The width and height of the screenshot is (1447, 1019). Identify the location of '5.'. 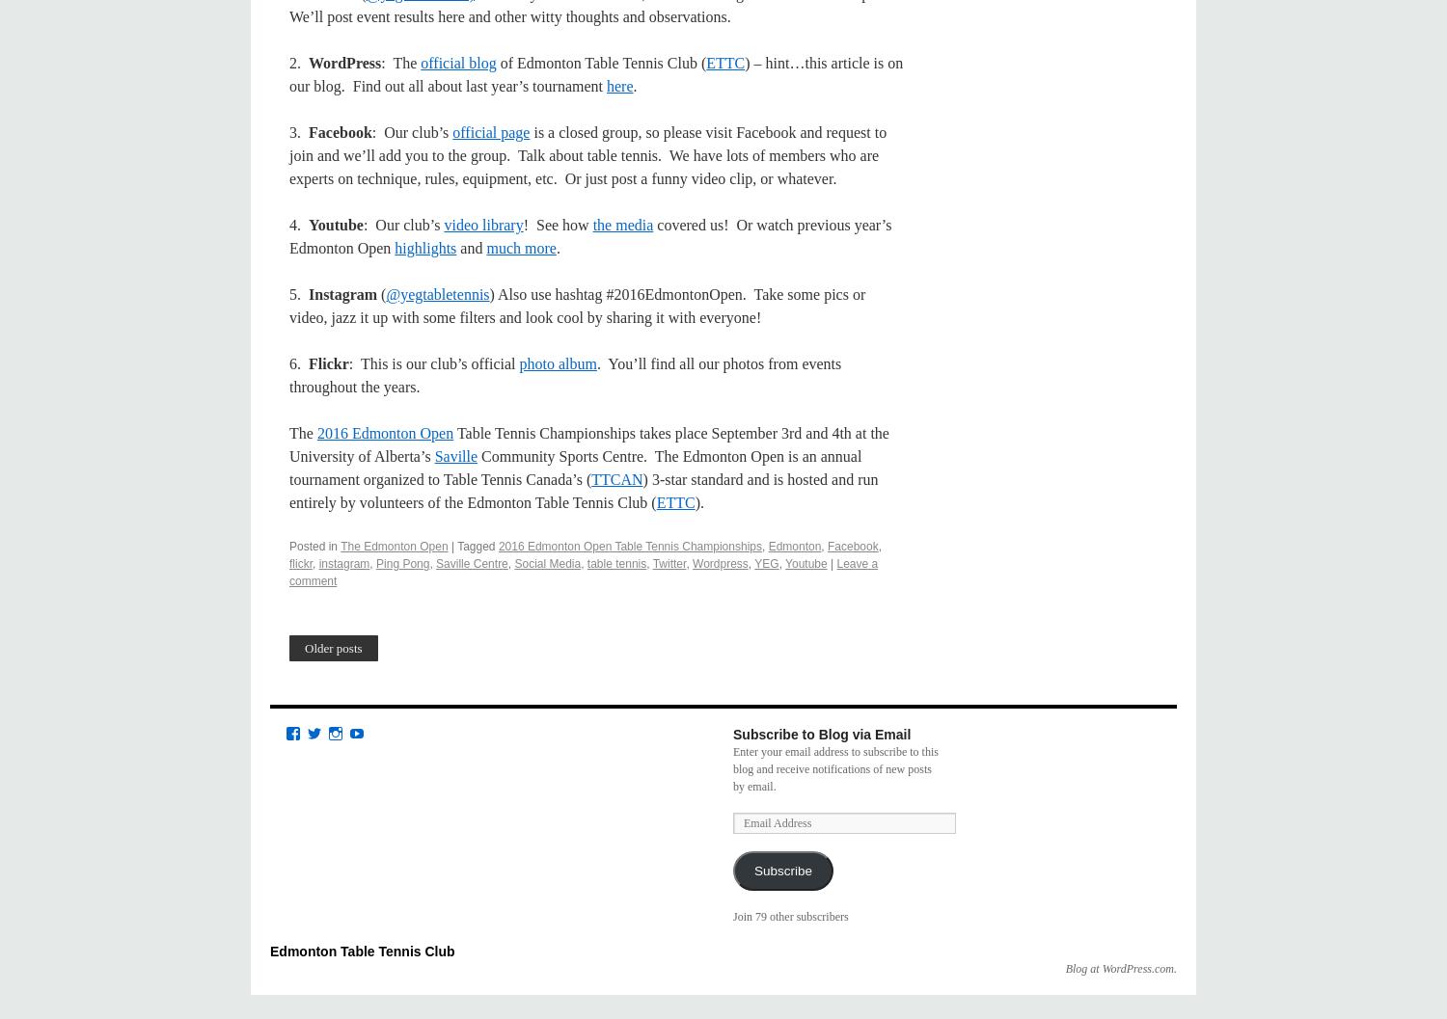
(299, 294).